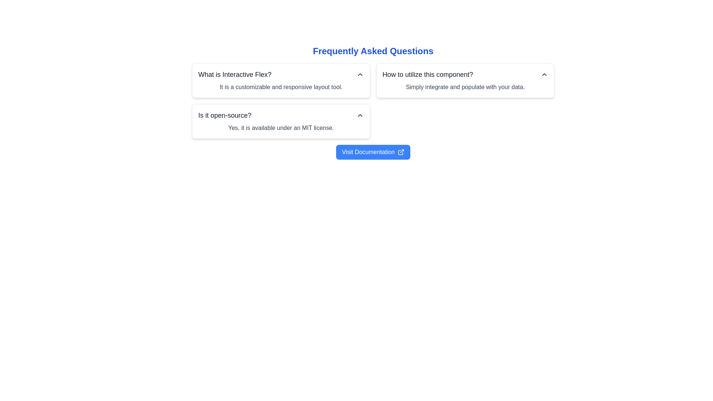  Describe the element at coordinates (373, 151) in the screenshot. I see `the medium-sized button labeled 'Visit Documentation' with a blue background and an external link icon to observe visual feedback` at that location.